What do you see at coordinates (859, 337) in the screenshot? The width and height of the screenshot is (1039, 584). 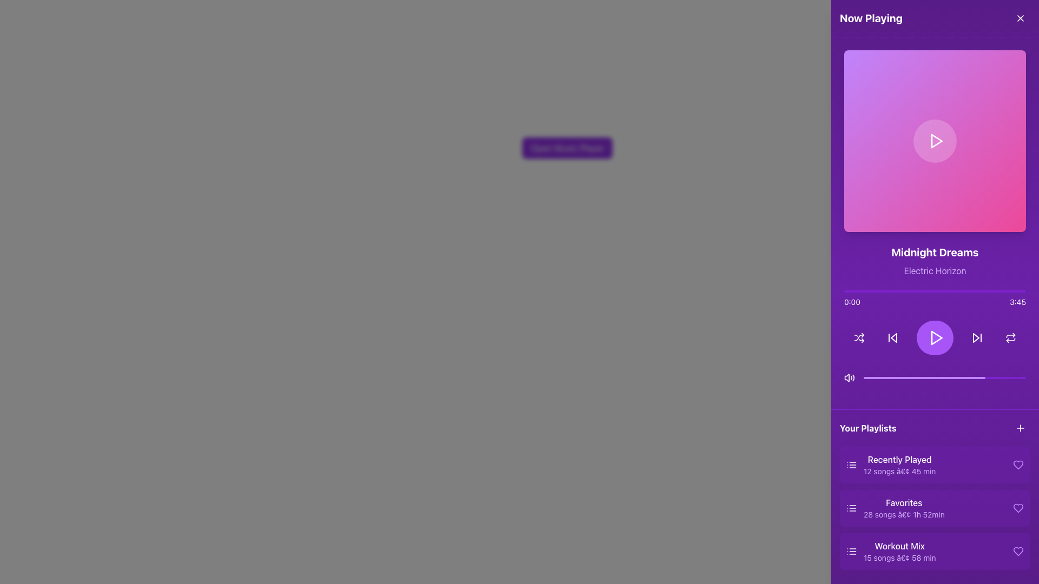 I see `the shuffle button icon, which features two crossing arrows on a purple background, located within the control bar beneath the song's progress bar` at bounding box center [859, 337].